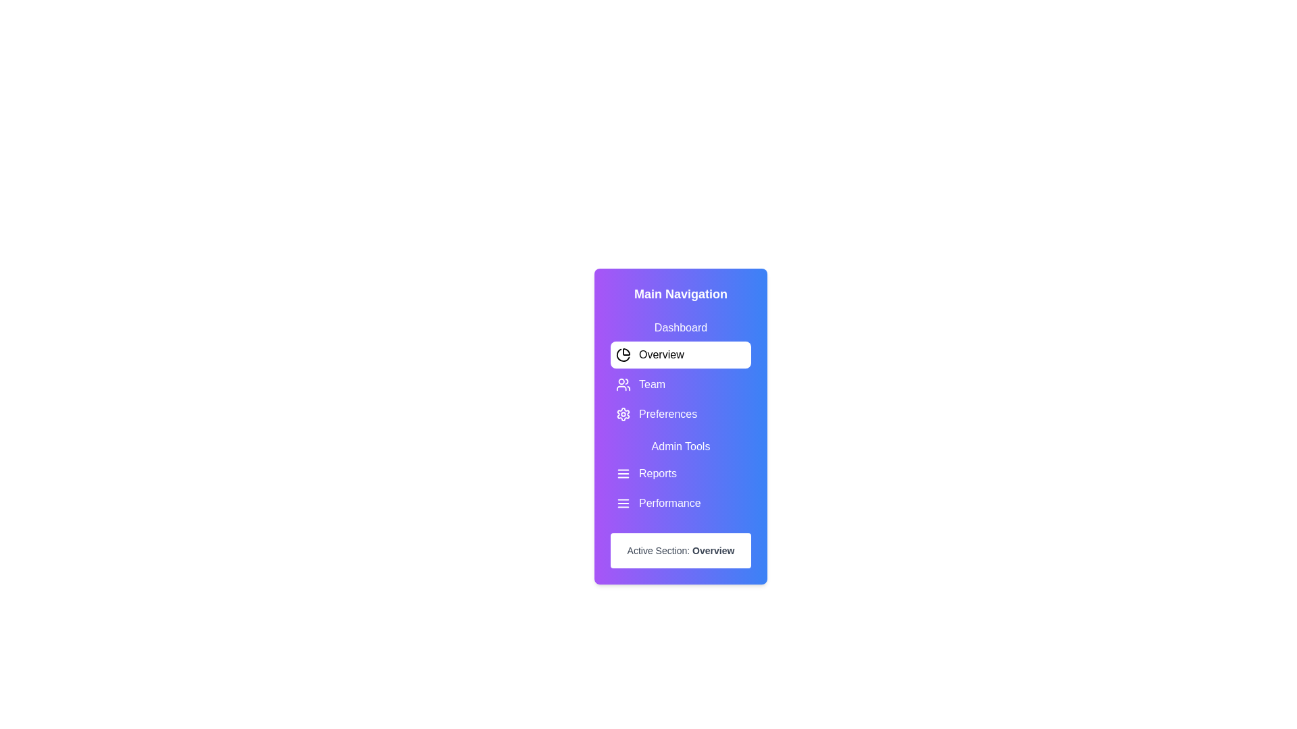  What do you see at coordinates (681, 354) in the screenshot?
I see `the menu option labeled Overview` at bounding box center [681, 354].